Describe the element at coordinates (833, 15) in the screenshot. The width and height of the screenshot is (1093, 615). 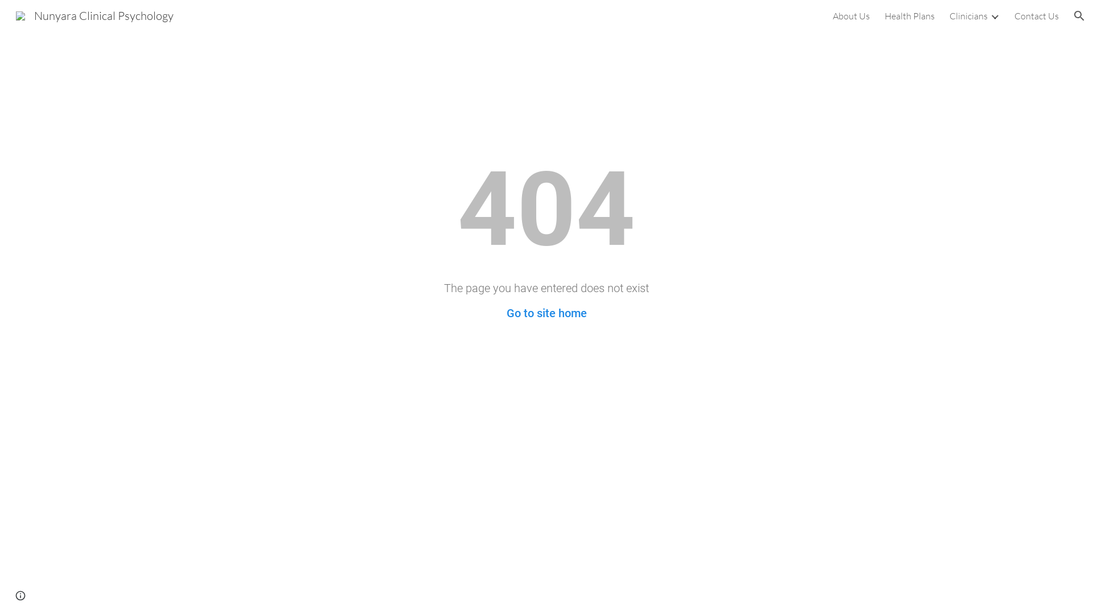
I see `'About Us'` at that location.